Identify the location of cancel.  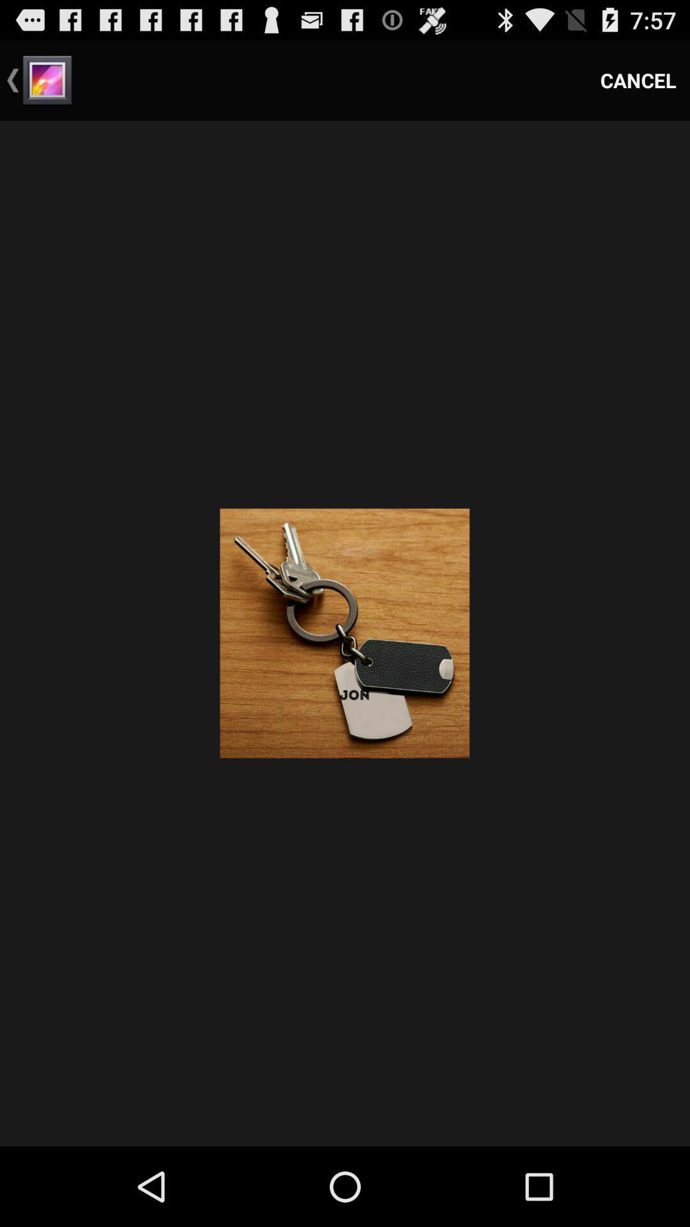
(638, 79).